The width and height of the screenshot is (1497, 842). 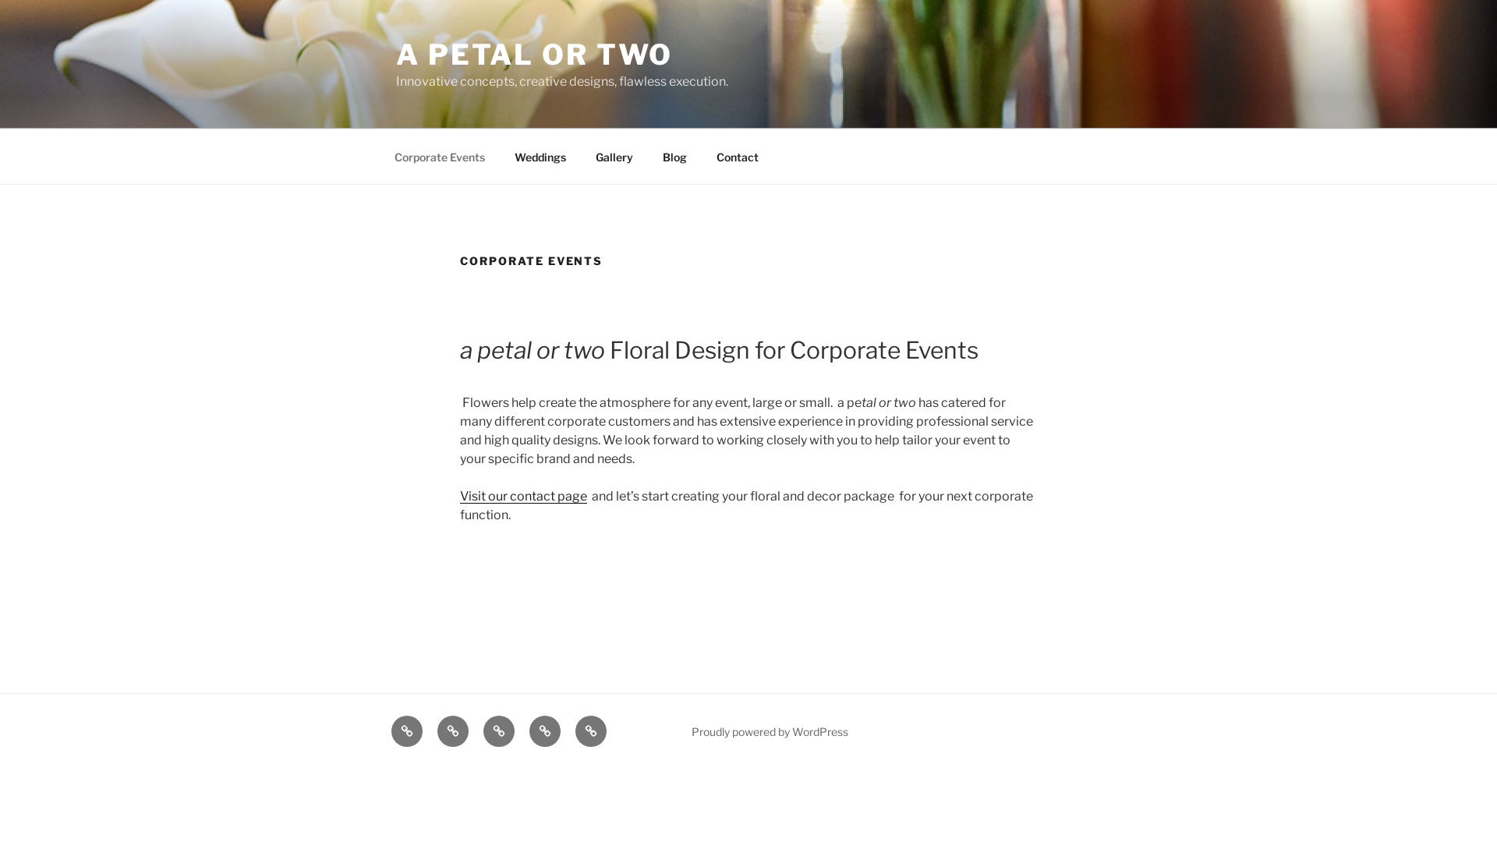 I want to click on 'Contact', so click(x=736, y=156).